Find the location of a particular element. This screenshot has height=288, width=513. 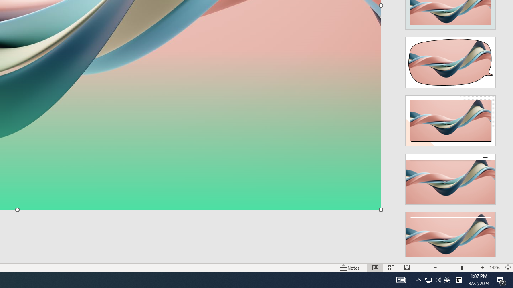

'Zoom 142%' is located at coordinates (494, 268).